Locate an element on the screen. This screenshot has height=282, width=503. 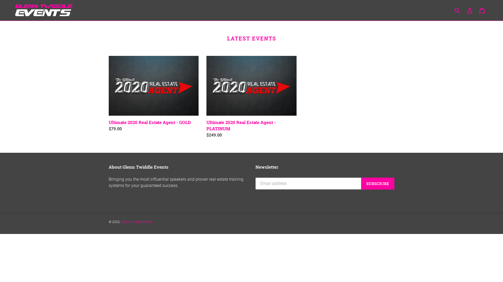
'SUBSCRIBE' is located at coordinates (361, 183).